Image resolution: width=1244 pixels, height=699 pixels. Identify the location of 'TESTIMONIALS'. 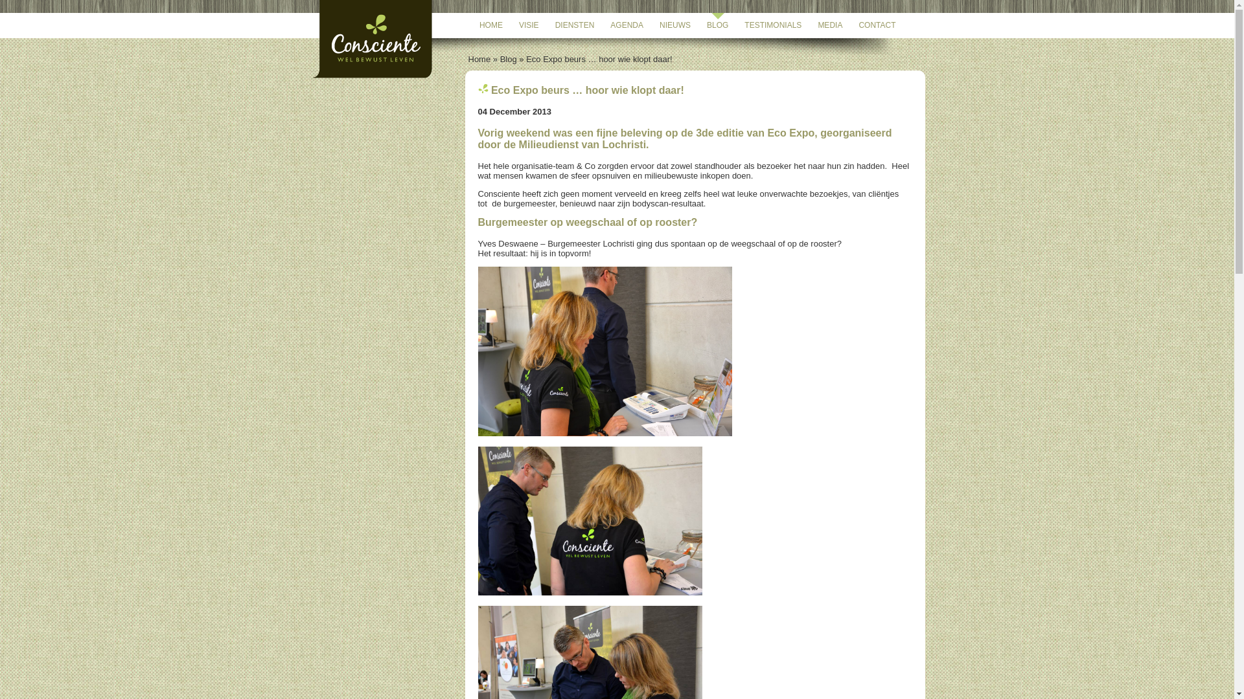
(744, 25).